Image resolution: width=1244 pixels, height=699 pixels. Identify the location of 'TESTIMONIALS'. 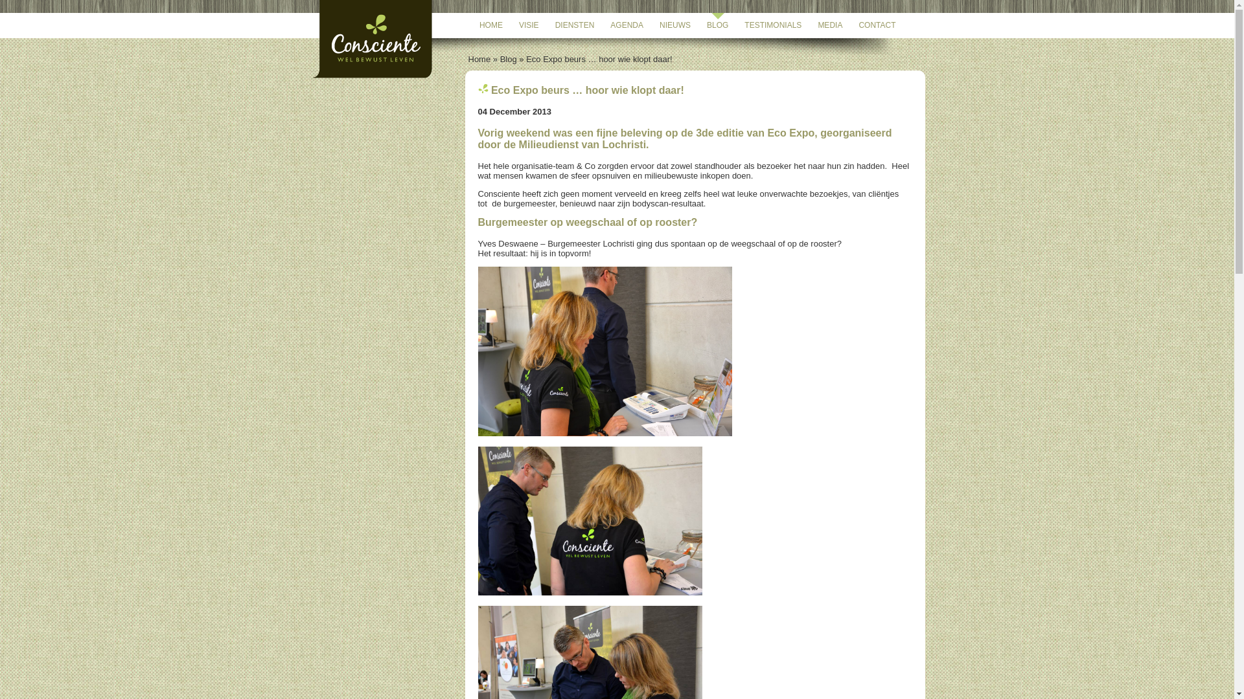
(744, 25).